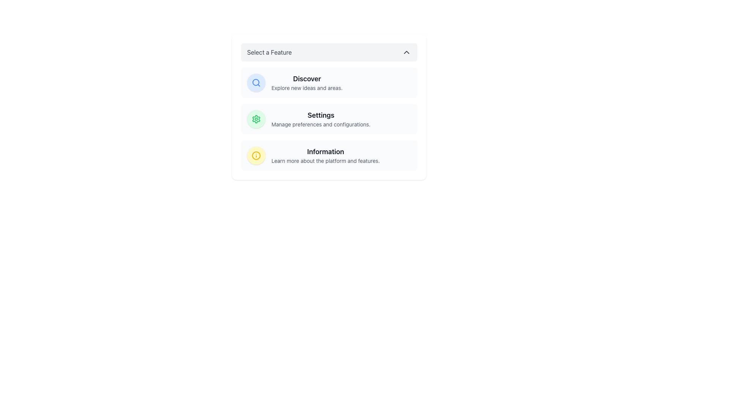 The image size is (729, 410). I want to click on the 'Information' text block, which includes a bold heading and a smaller subheading, so click(325, 155).